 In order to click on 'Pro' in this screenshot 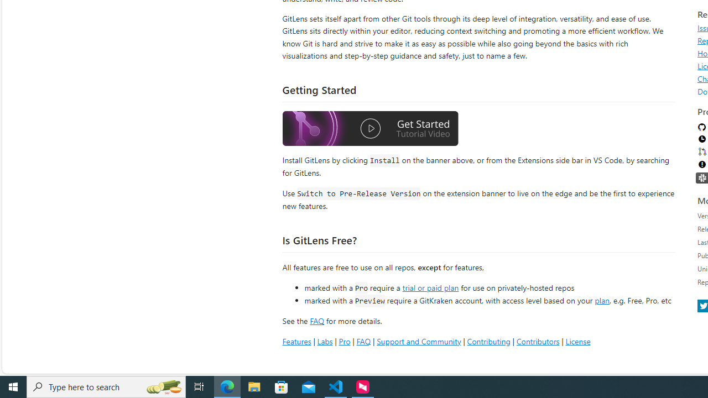, I will do `click(343, 341)`.